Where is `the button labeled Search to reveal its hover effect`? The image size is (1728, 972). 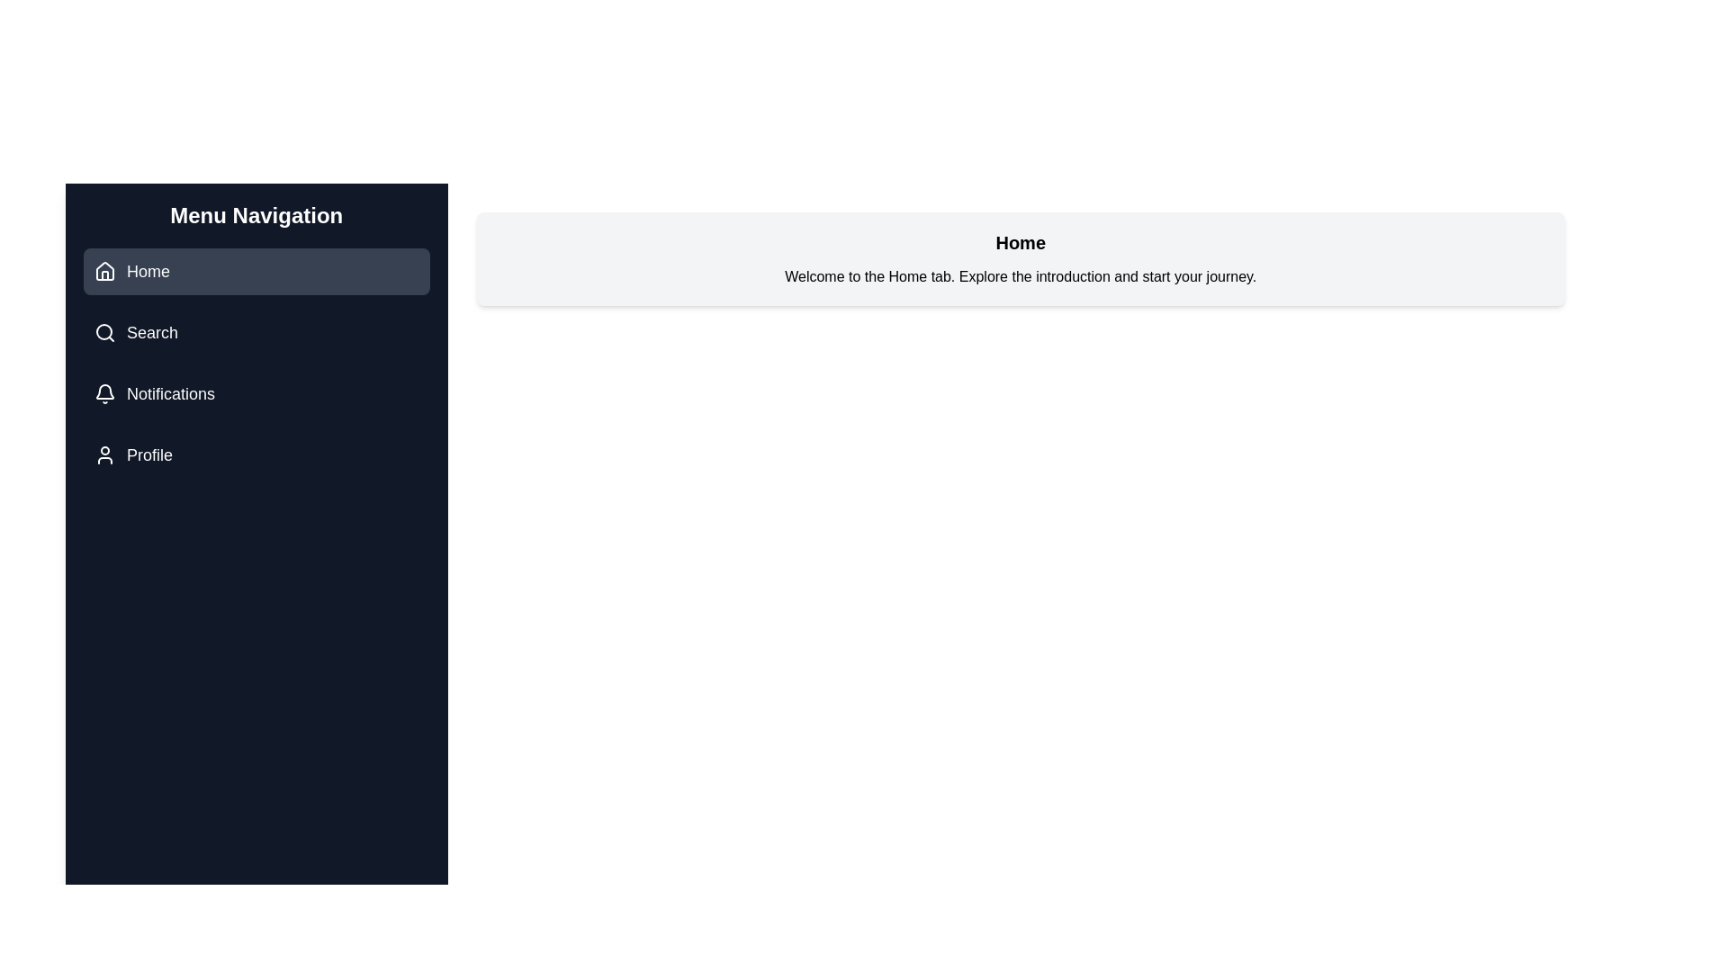 the button labeled Search to reveal its hover effect is located at coordinates (255, 333).